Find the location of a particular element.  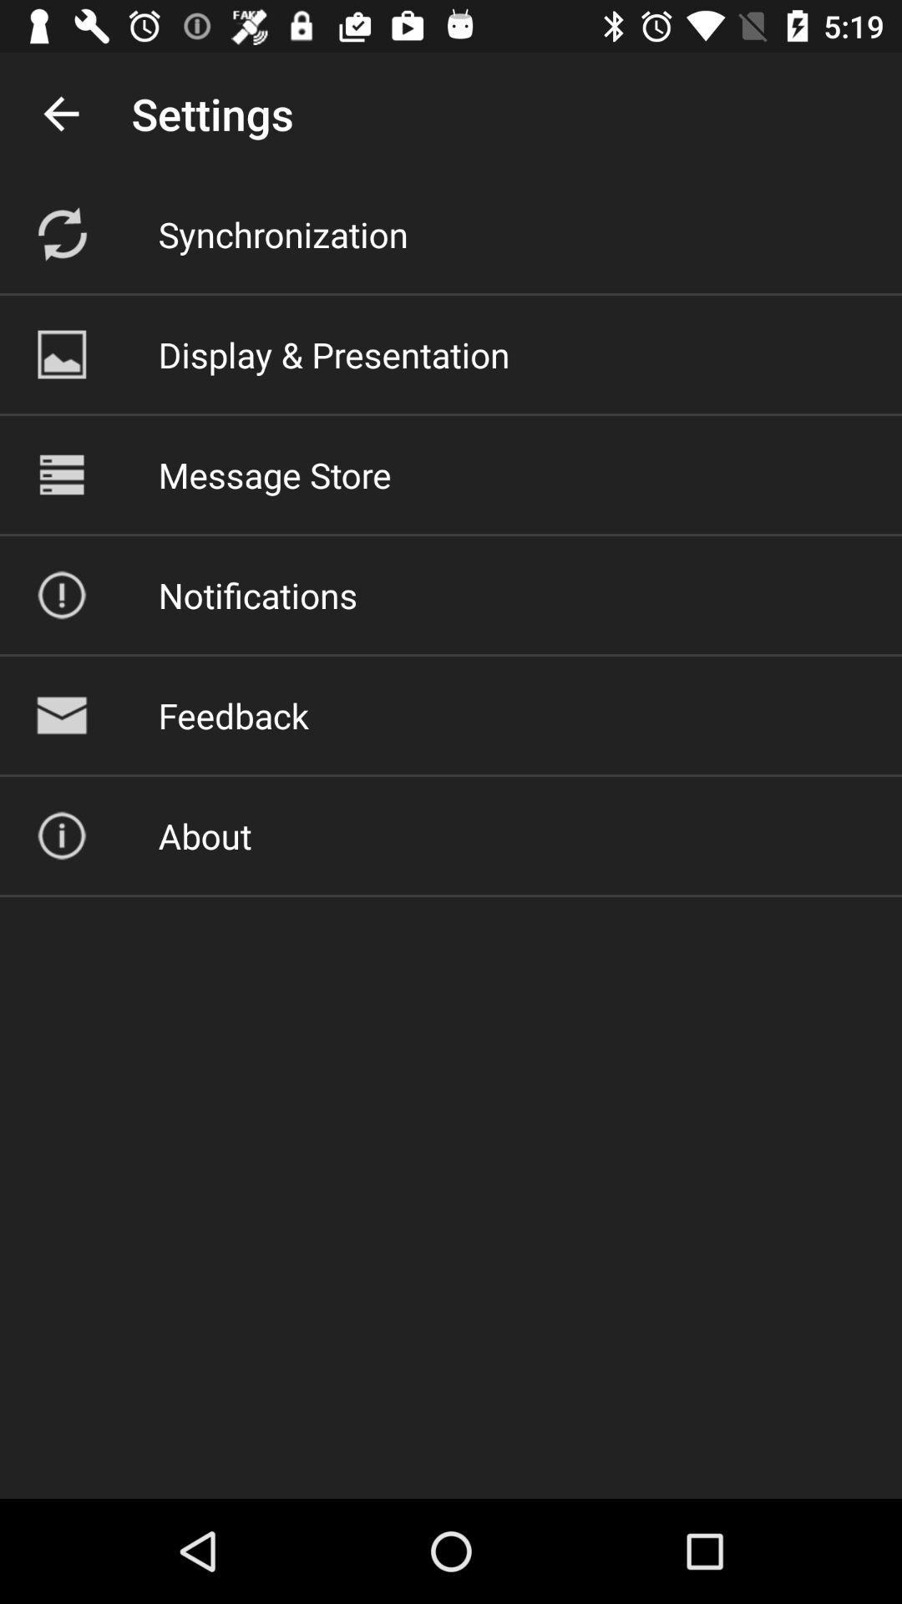

message store item is located at coordinates (274, 474).